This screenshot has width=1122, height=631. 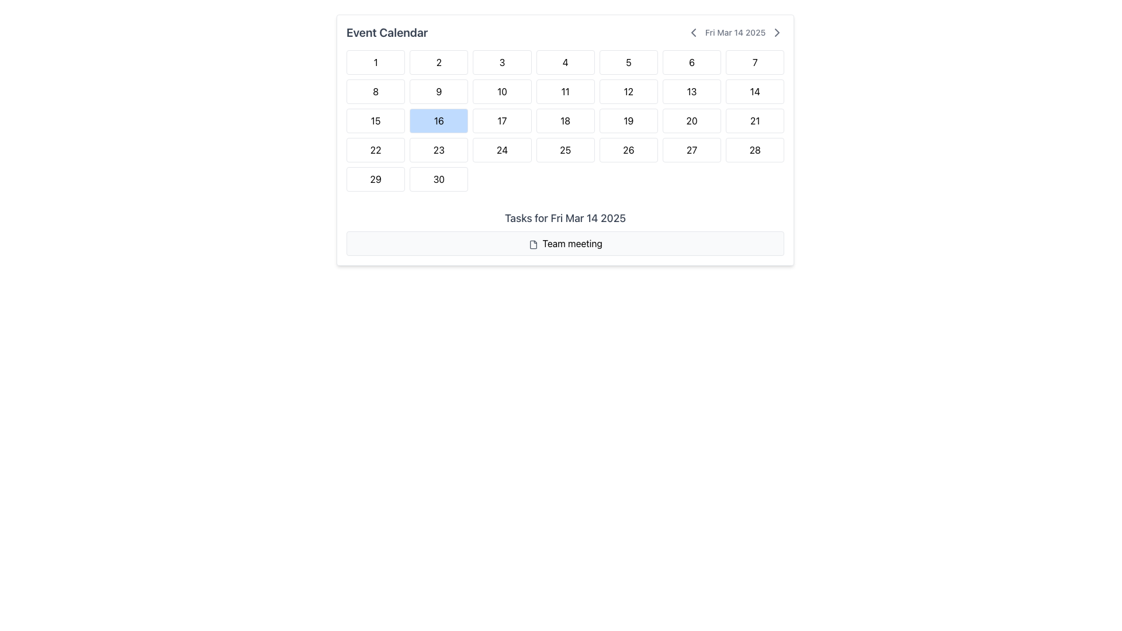 What do you see at coordinates (755, 121) in the screenshot?
I see `the button labeled '21'` at bounding box center [755, 121].